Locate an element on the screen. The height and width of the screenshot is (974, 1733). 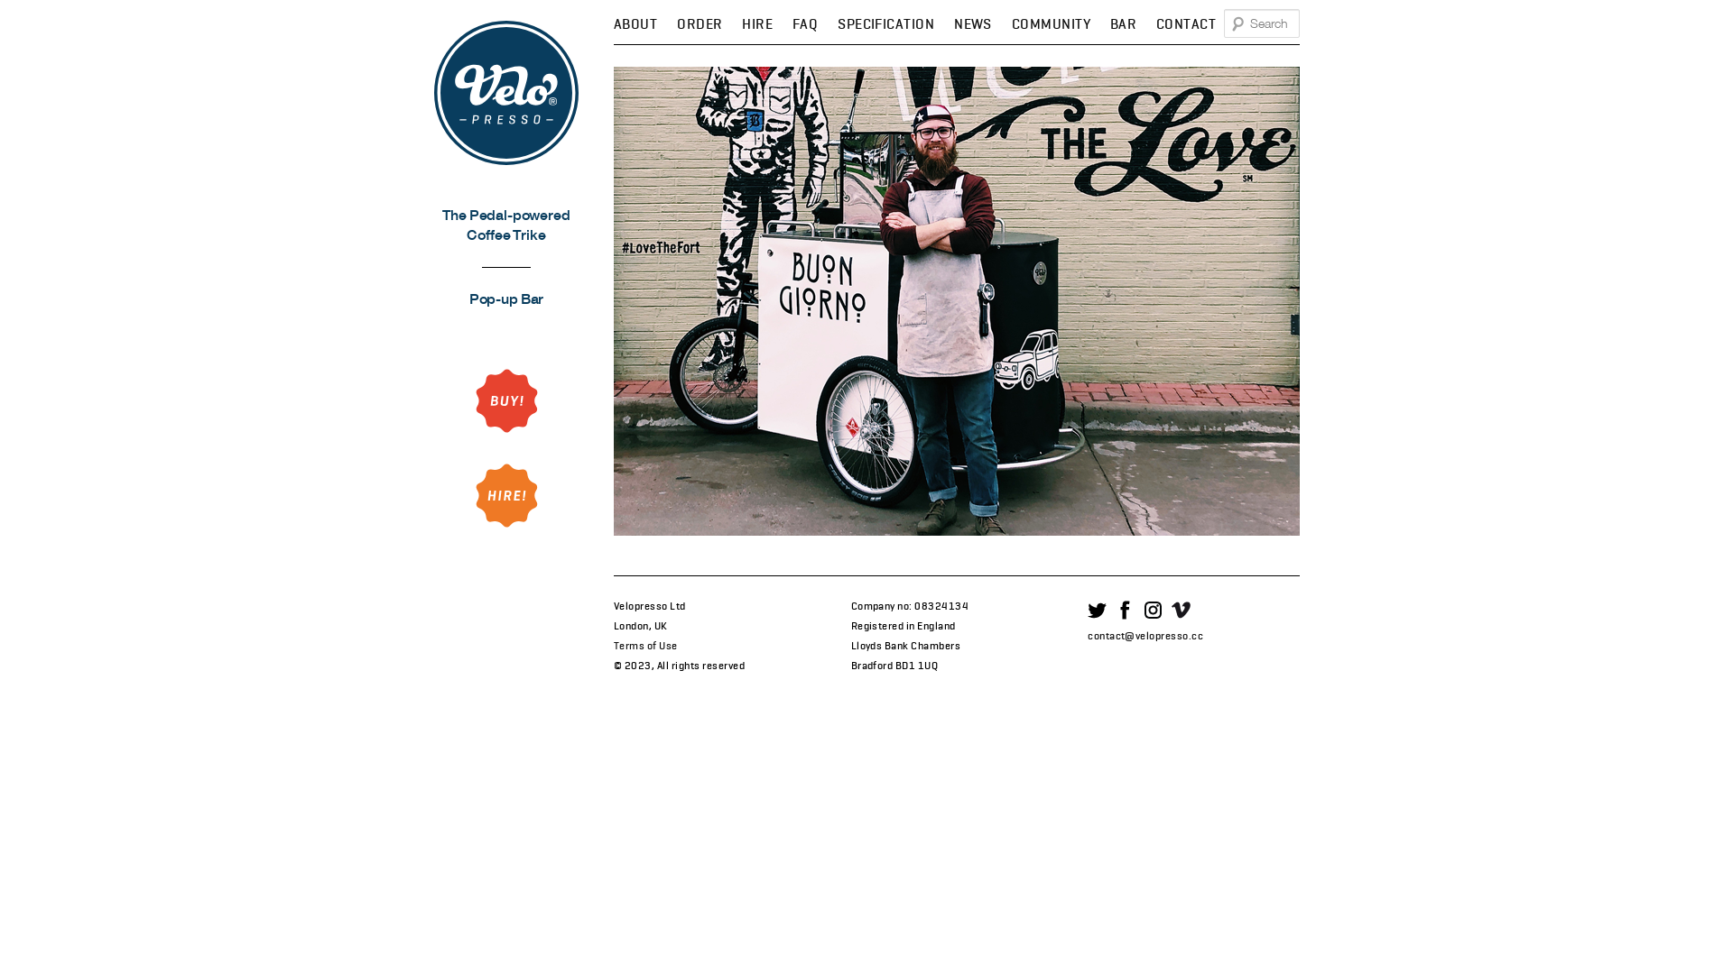
'COMMUNITY' is located at coordinates (1060, 24).